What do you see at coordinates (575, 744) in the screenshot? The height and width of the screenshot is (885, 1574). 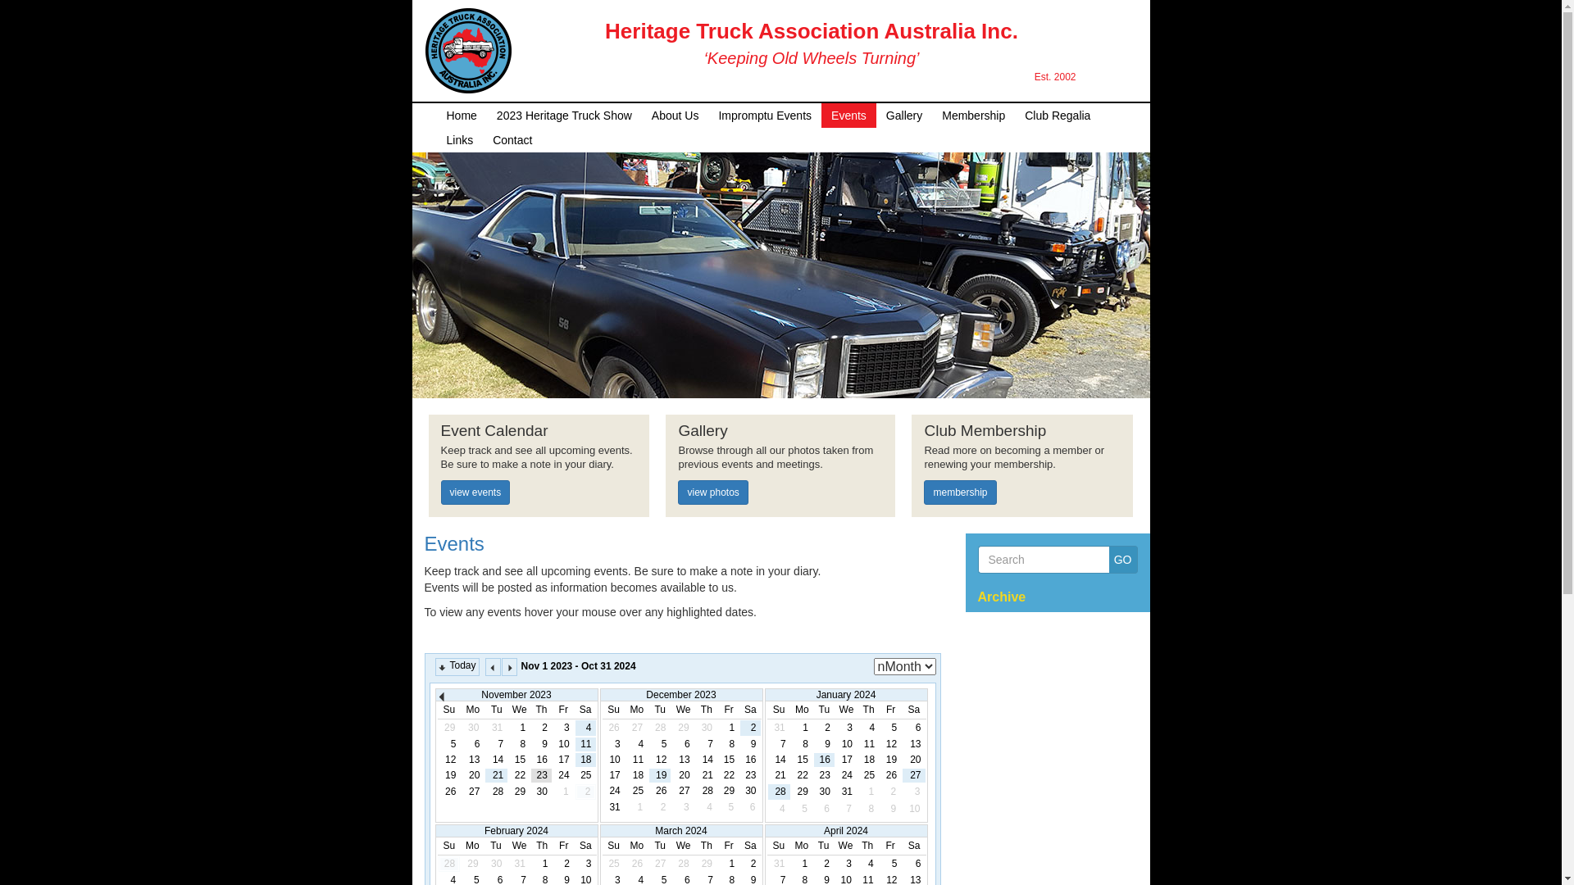 I see `'11'` at bounding box center [575, 744].